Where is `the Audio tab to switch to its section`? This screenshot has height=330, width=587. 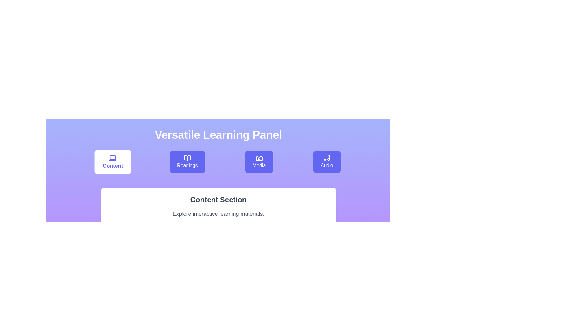
the Audio tab to switch to its section is located at coordinates (327, 161).